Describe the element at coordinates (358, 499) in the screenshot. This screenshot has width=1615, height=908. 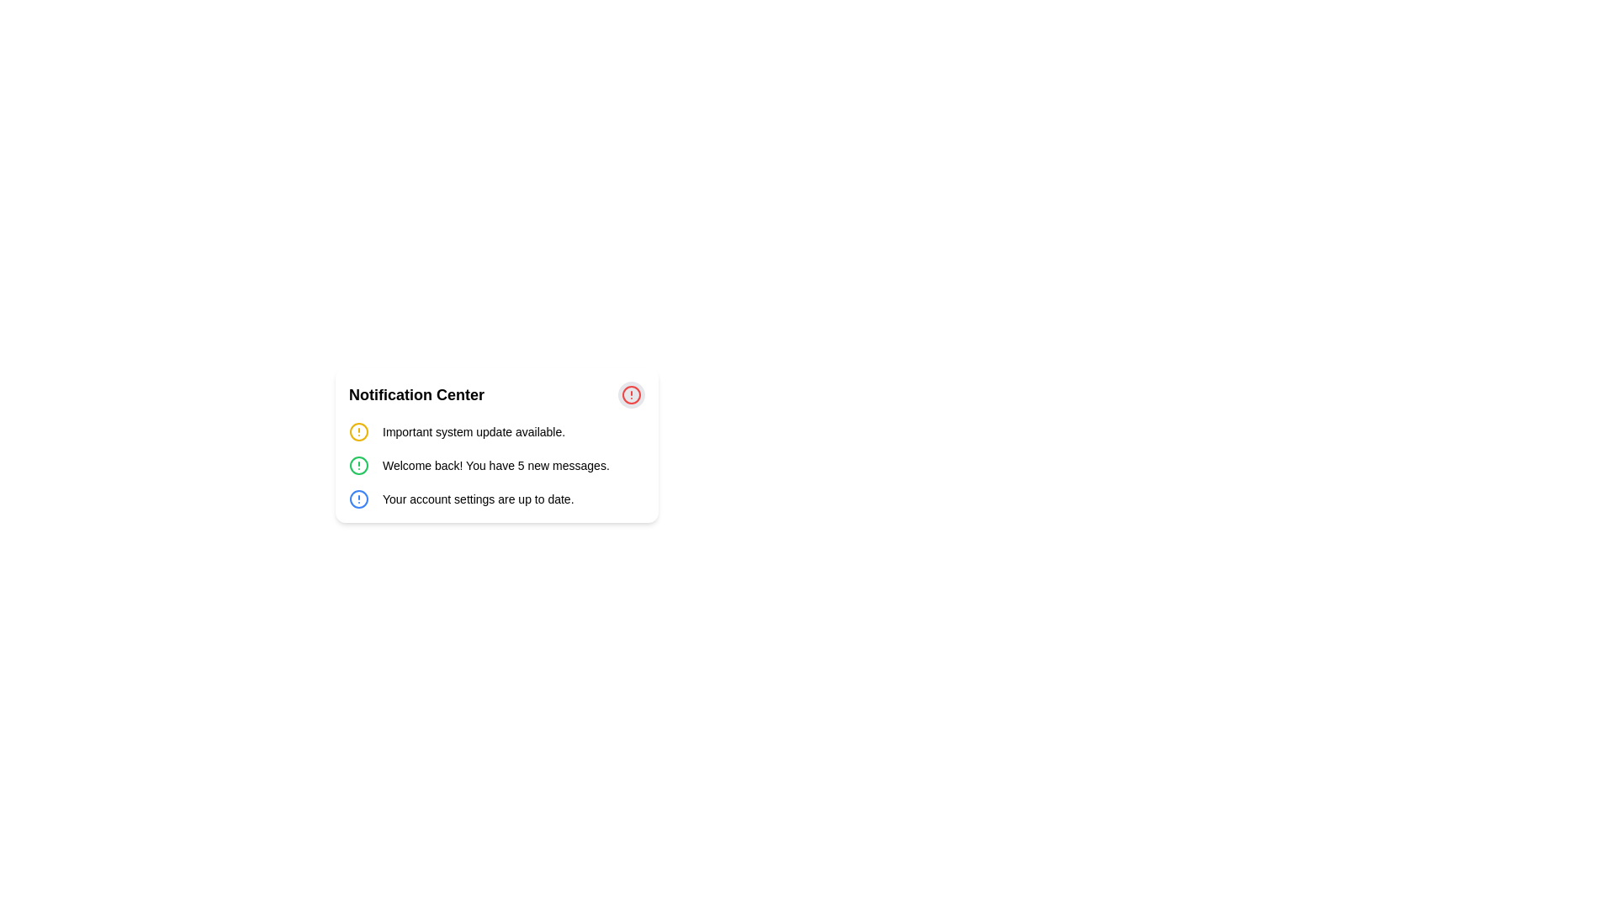
I see `the alert icon located to the left of the text 'Your account settings are up to date.' in the notifications area, specifically in the third row` at that location.